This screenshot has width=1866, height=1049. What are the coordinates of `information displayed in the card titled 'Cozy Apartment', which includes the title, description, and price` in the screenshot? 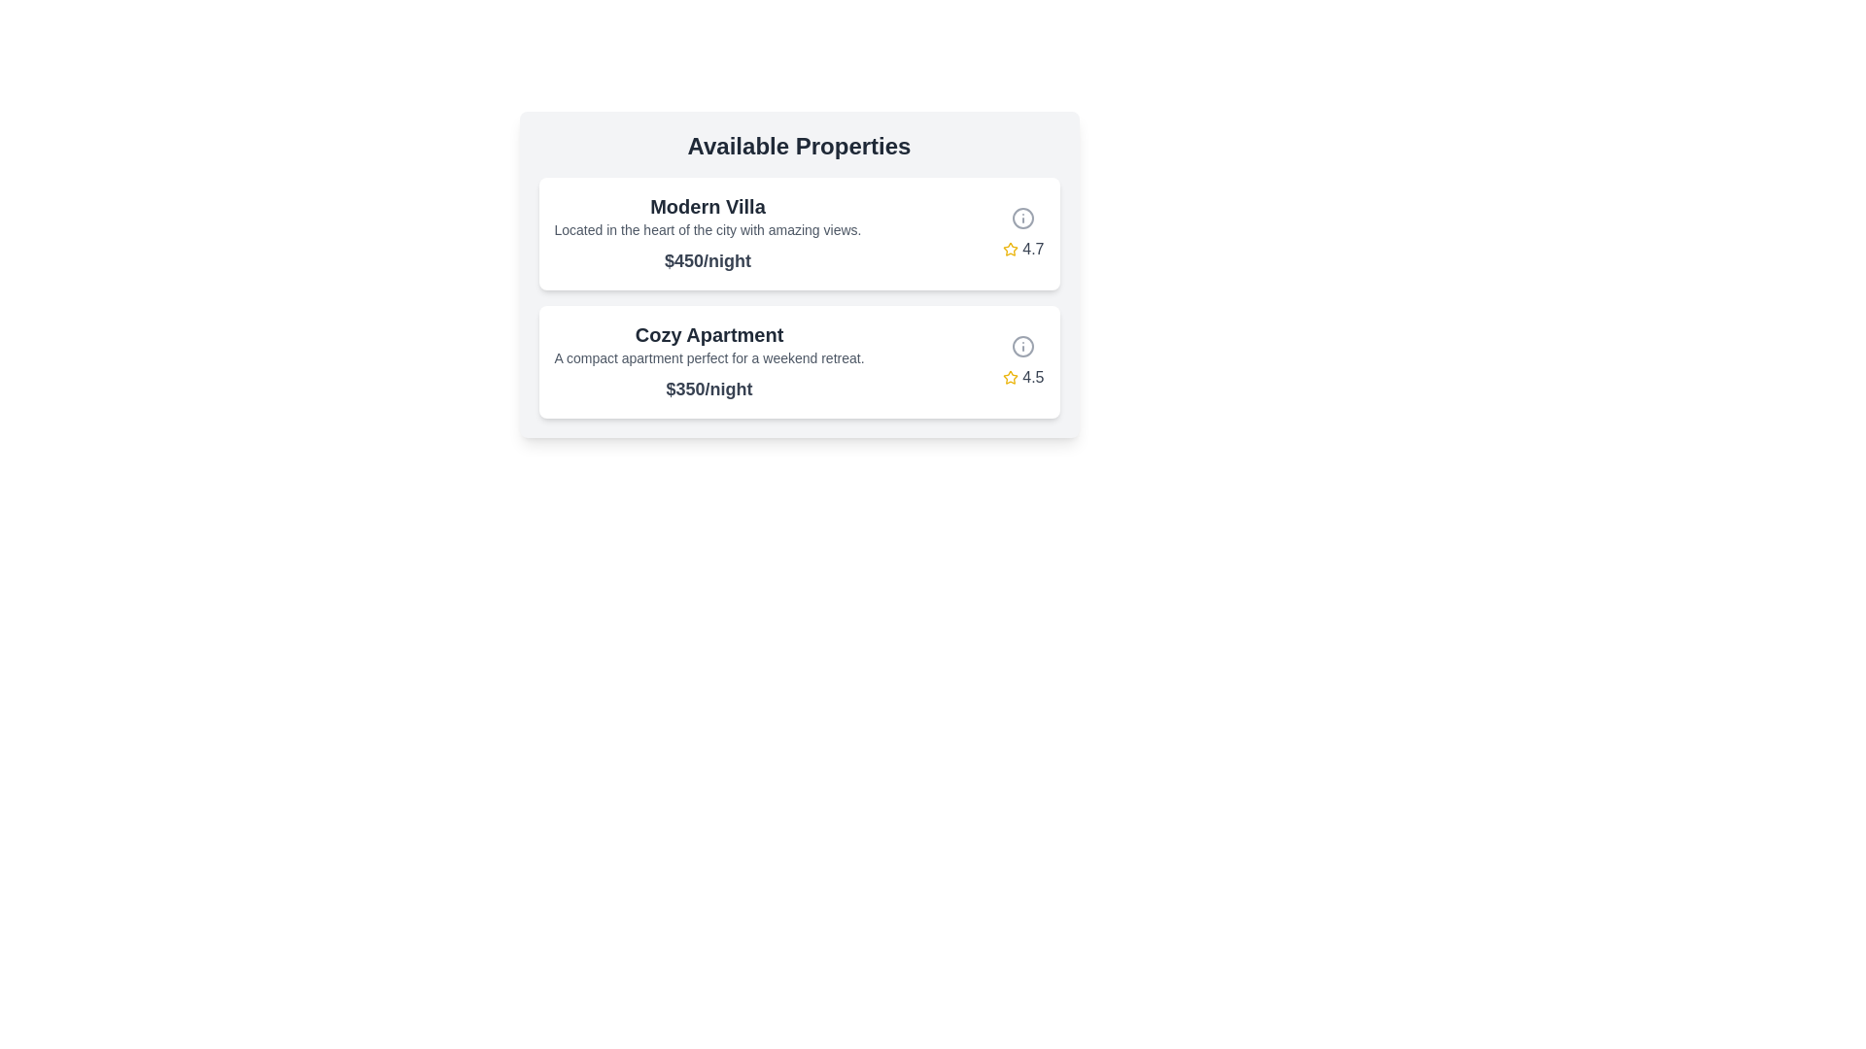 It's located at (708, 362).